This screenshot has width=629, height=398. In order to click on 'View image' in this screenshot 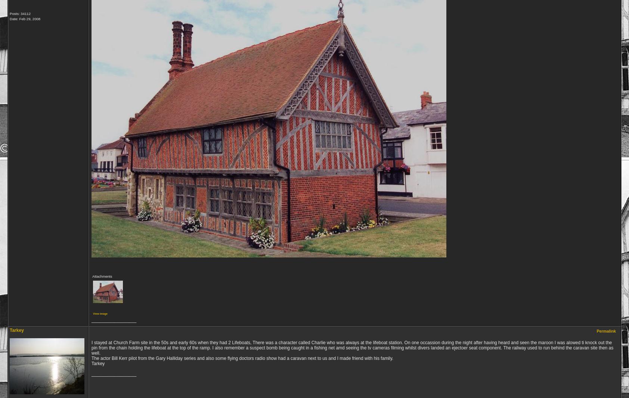, I will do `click(100, 314)`.